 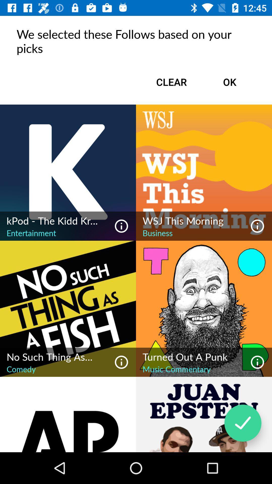 I want to click on ok icon, so click(x=229, y=82).